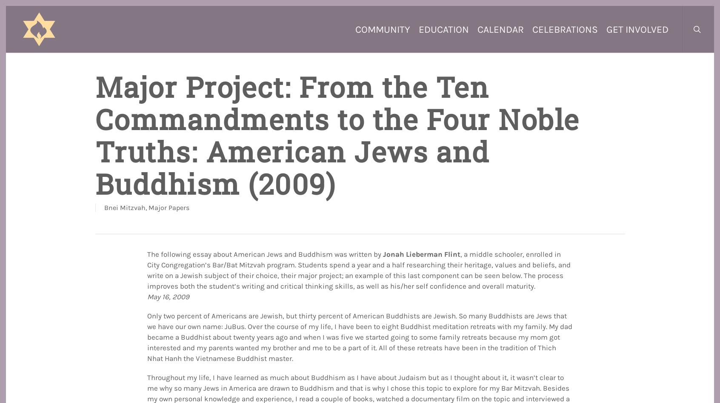  What do you see at coordinates (146, 207) in the screenshot?
I see `','` at bounding box center [146, 207].